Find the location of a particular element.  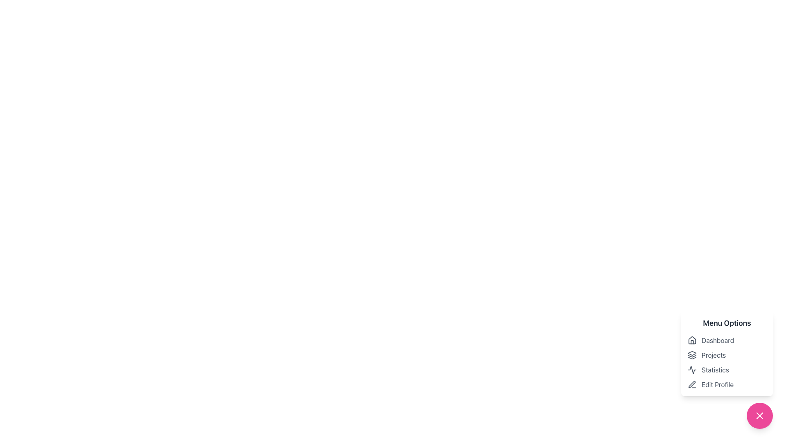

the 'Projects' menu item located in the bottom-right menu options is located at coordinates (727, 362).